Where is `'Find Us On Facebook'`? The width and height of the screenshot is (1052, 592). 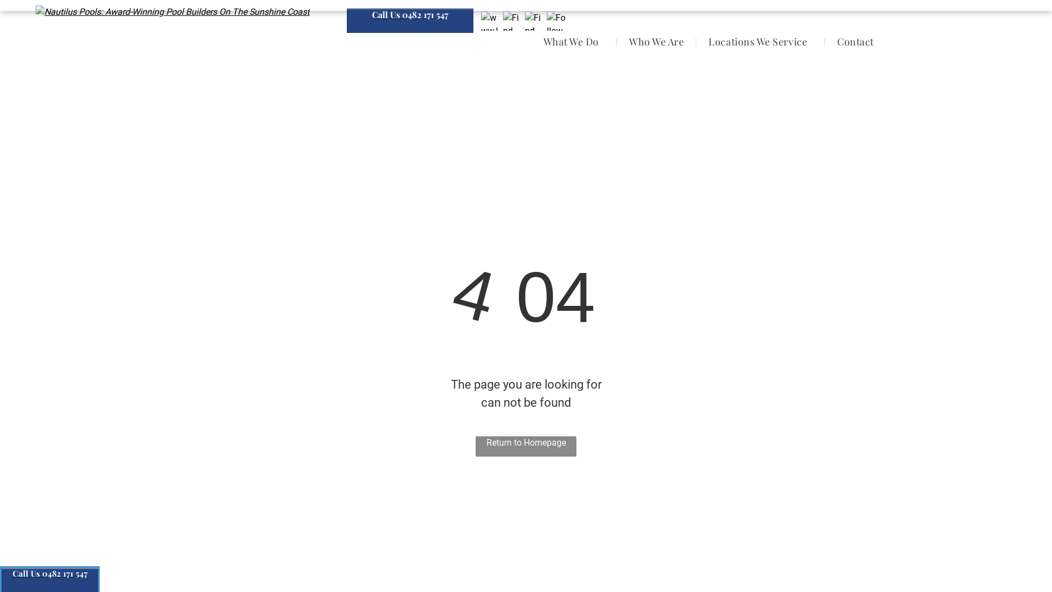 'Find Us On Facebook' is located at coordinates (502, 21).